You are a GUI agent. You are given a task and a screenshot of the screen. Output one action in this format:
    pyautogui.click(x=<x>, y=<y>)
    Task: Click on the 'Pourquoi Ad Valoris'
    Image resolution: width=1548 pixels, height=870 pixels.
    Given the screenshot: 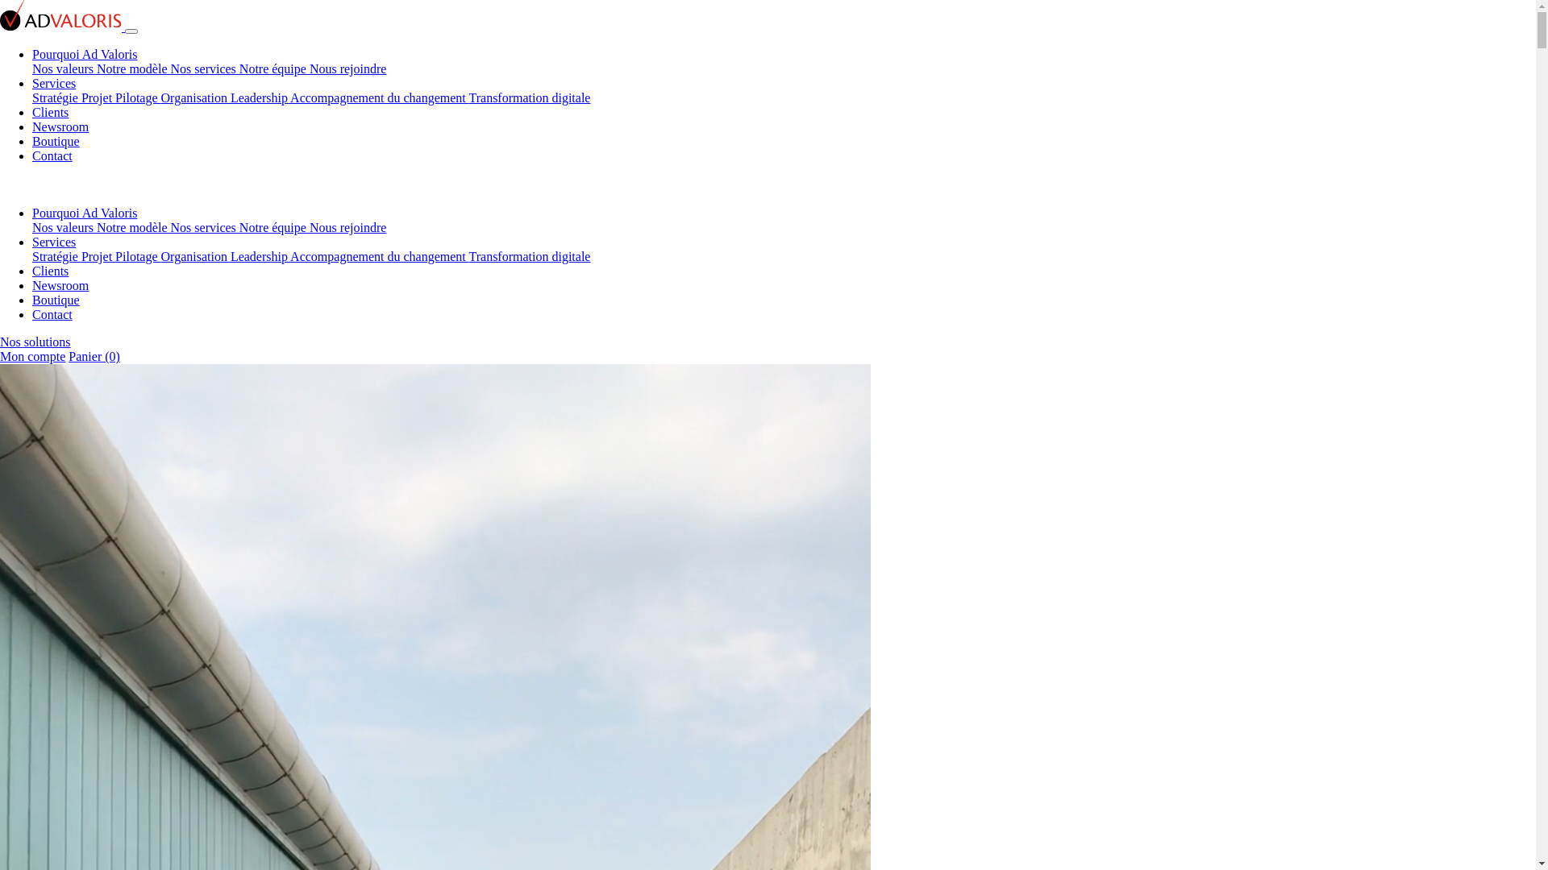 What is the action you would take?
    pyautogui.click(x=31, y=53)
    